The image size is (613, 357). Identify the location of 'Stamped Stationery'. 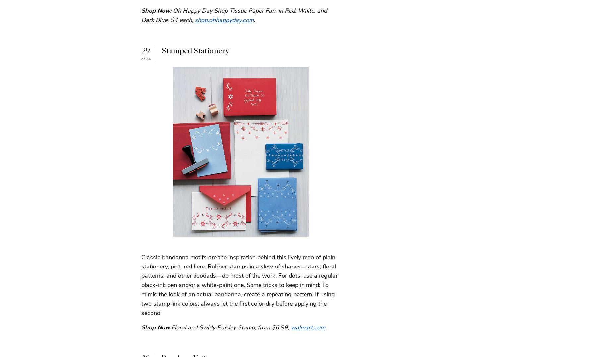
(195, 51).